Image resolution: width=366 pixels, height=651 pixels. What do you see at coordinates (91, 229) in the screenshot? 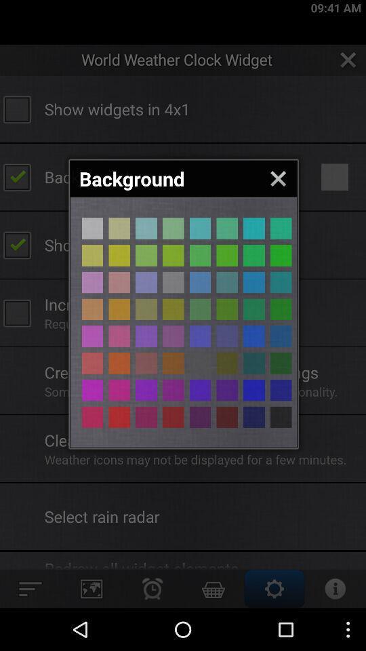
I see `choose that color` at bounding box center [91, 229].